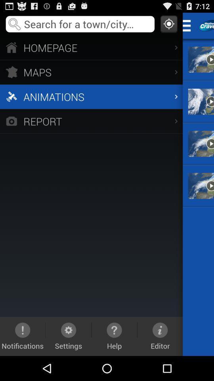  I want to click on report icon, so click(91, 121).